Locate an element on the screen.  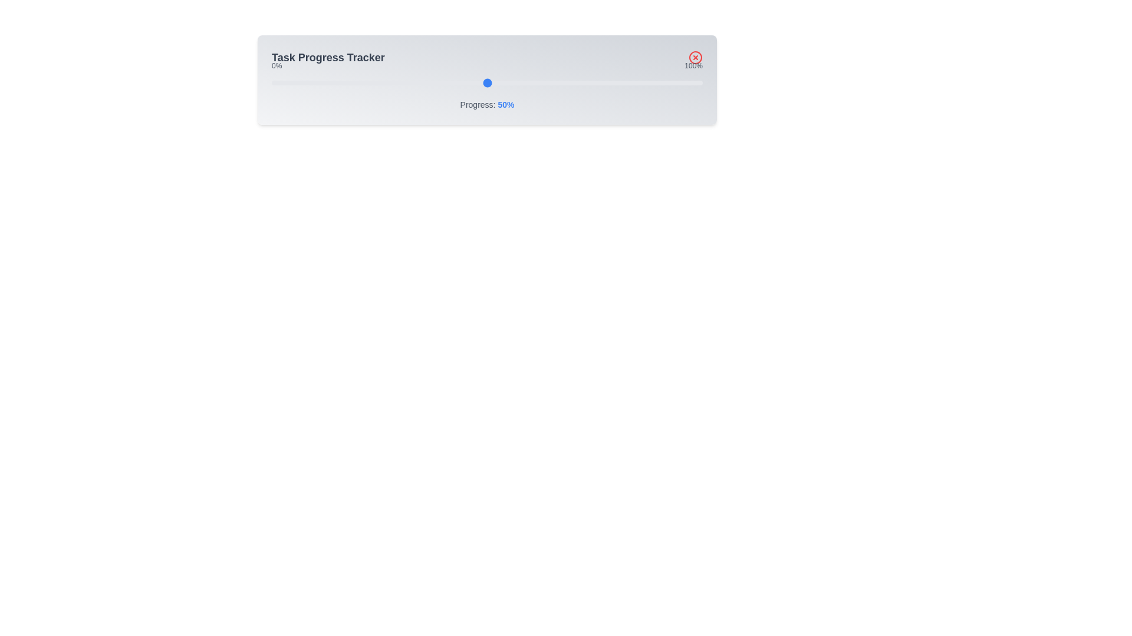
the slider is located at coordinates (685, 82).